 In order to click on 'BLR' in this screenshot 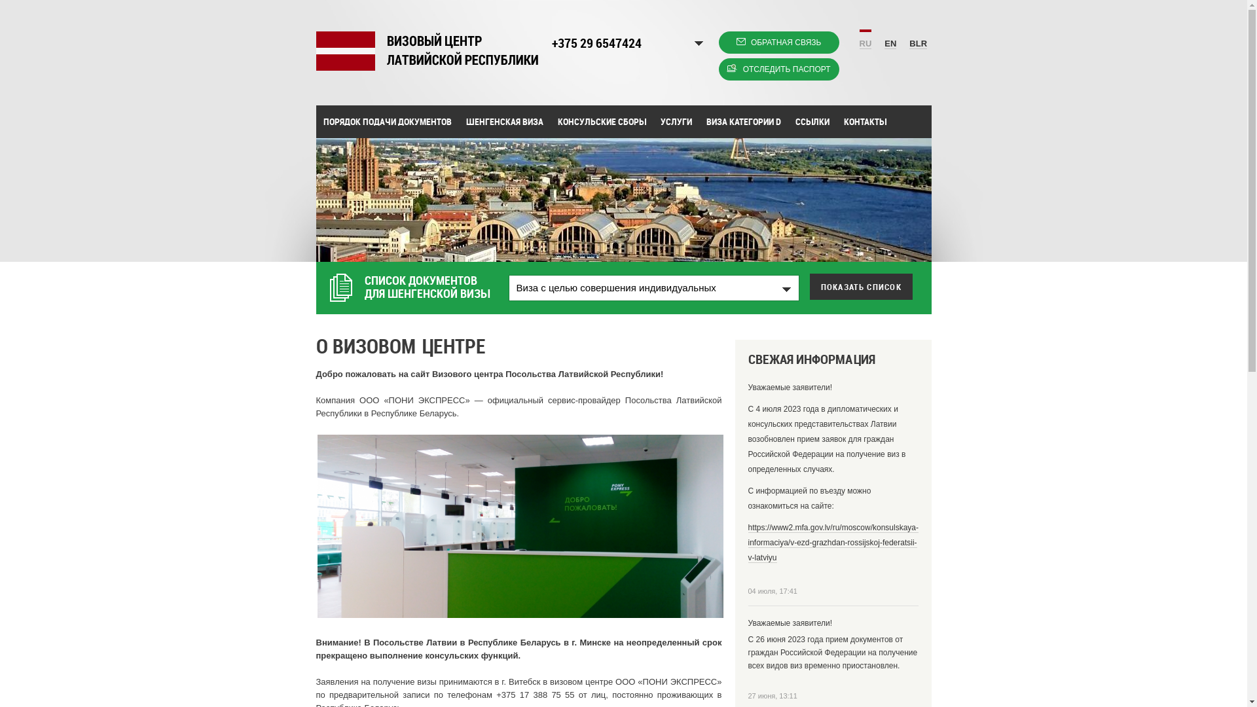, I will do `click(908, 39)`.